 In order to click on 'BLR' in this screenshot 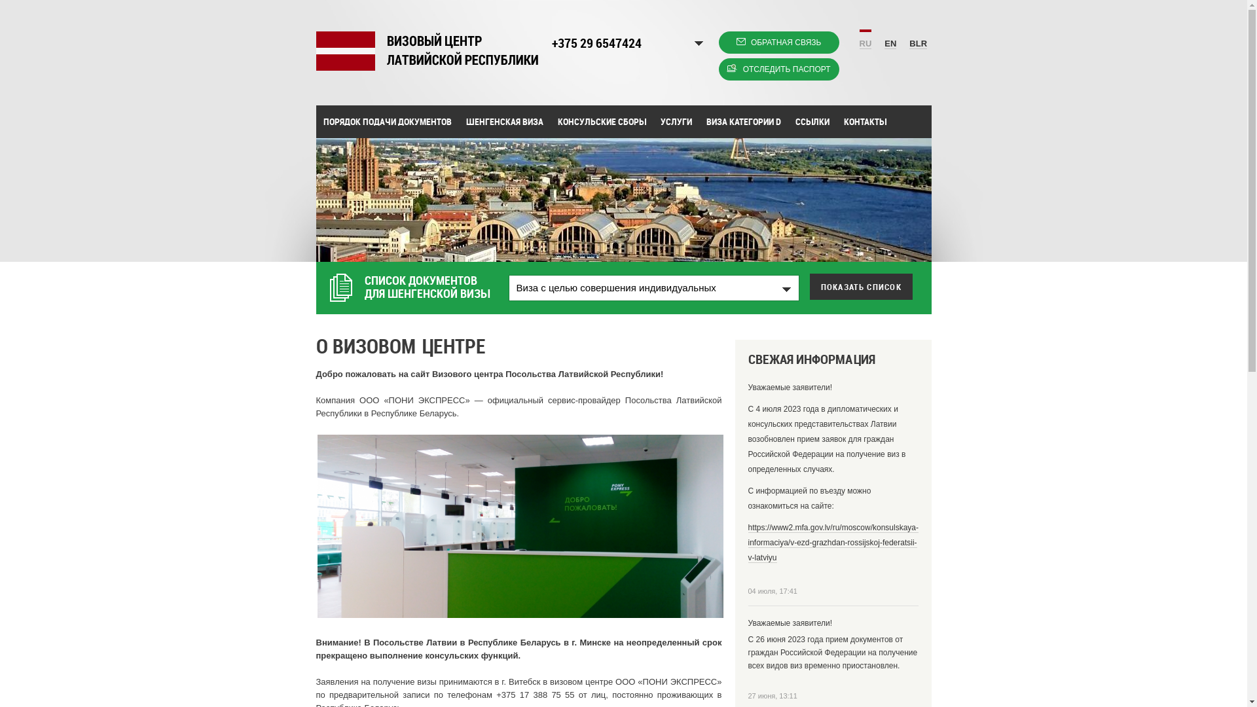, I will do `click(908, 39)`.